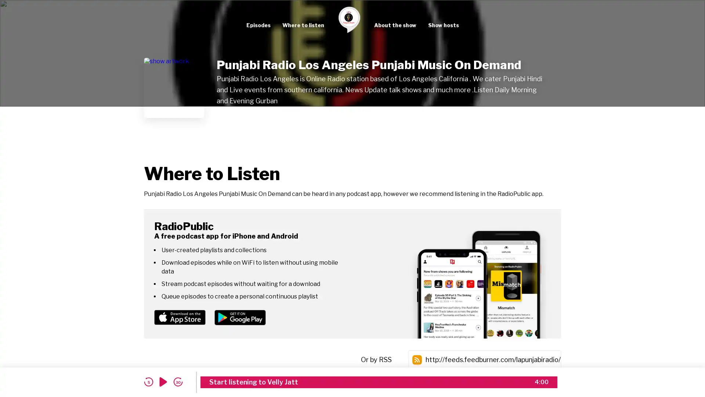 Image resolution: width=705 pixels, height=397 pixels. I want to click on skip back 5 seconds, so click(148, 382).